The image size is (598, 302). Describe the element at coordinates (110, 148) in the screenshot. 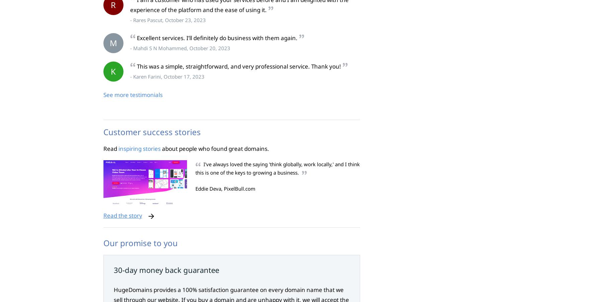

I see `'Read'` at that location.